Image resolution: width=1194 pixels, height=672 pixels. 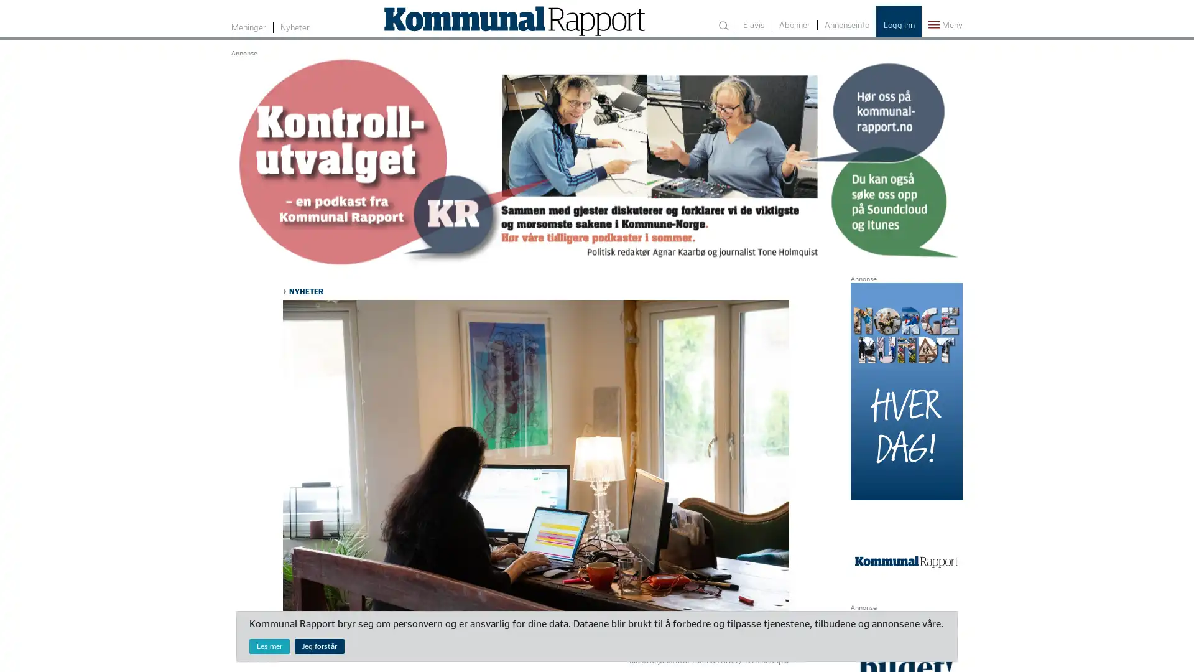 I want to click on Meny, so click(x=941, y=26).